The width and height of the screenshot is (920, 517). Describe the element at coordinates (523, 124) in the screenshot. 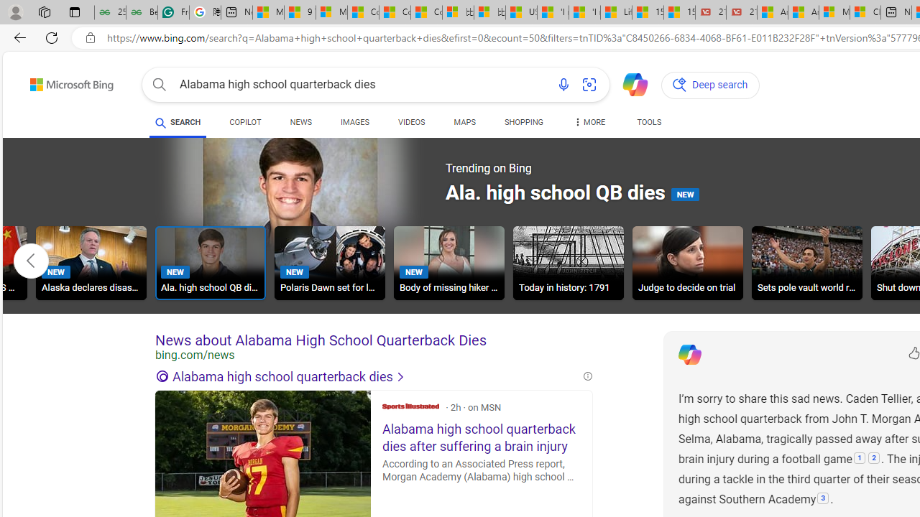

I see `'SHOPPING'` at that location.